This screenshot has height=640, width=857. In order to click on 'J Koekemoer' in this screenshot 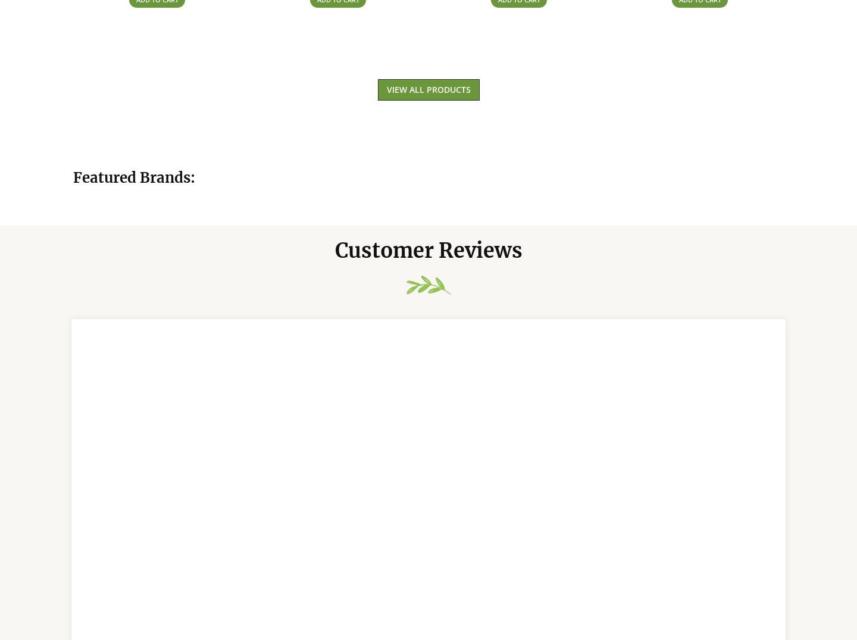, I will do `click(147, 523)`.